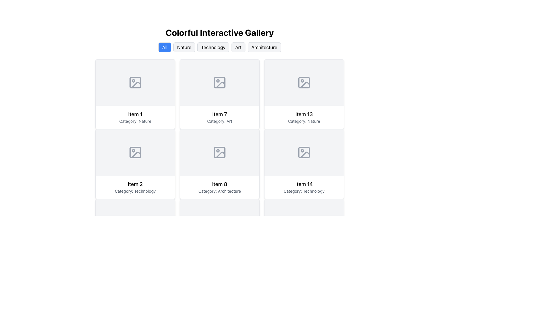  I want to click on the 'Nature' button, which is a rounded rectangular button with a light gray background and black text, located in the horizontal button group beneath the title 'Colorful Interactive Gallery', so click(184, 47).